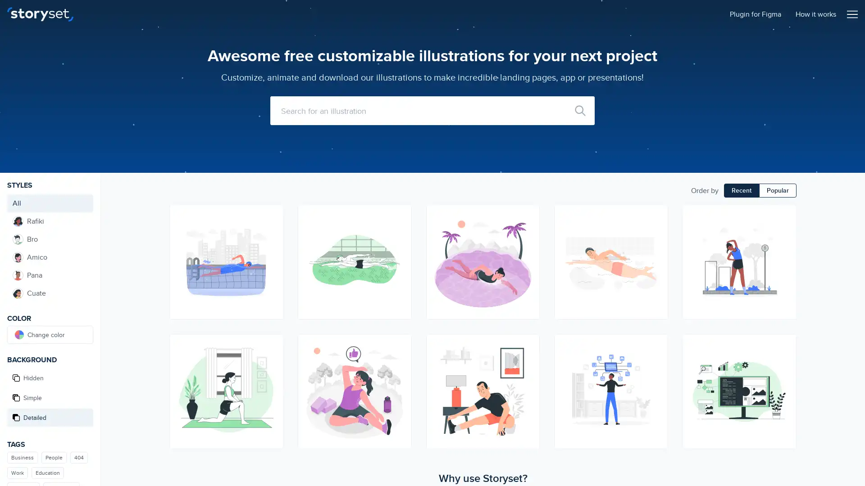 This screenshot has height=486, width=865. I want to click on download icon Download, so click(271, 232).